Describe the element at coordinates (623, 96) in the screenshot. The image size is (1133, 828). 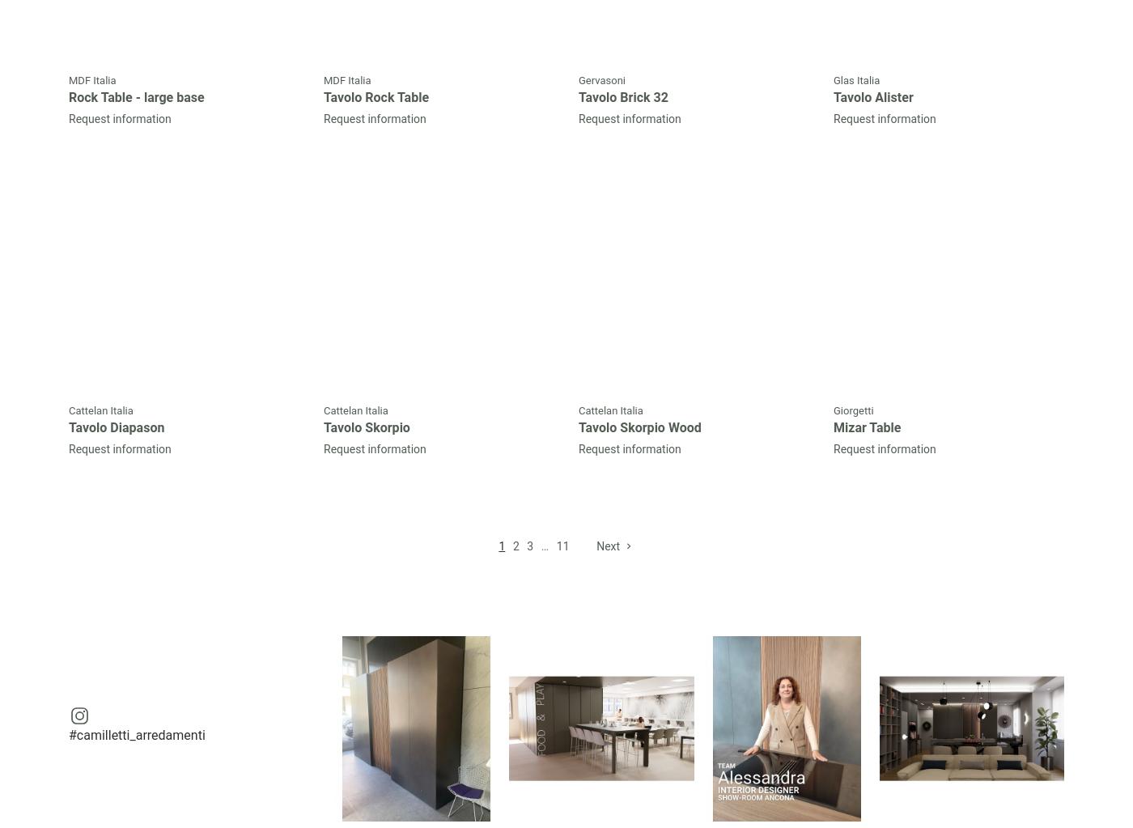
I see `'Tavolo Brick 32'` at that location.